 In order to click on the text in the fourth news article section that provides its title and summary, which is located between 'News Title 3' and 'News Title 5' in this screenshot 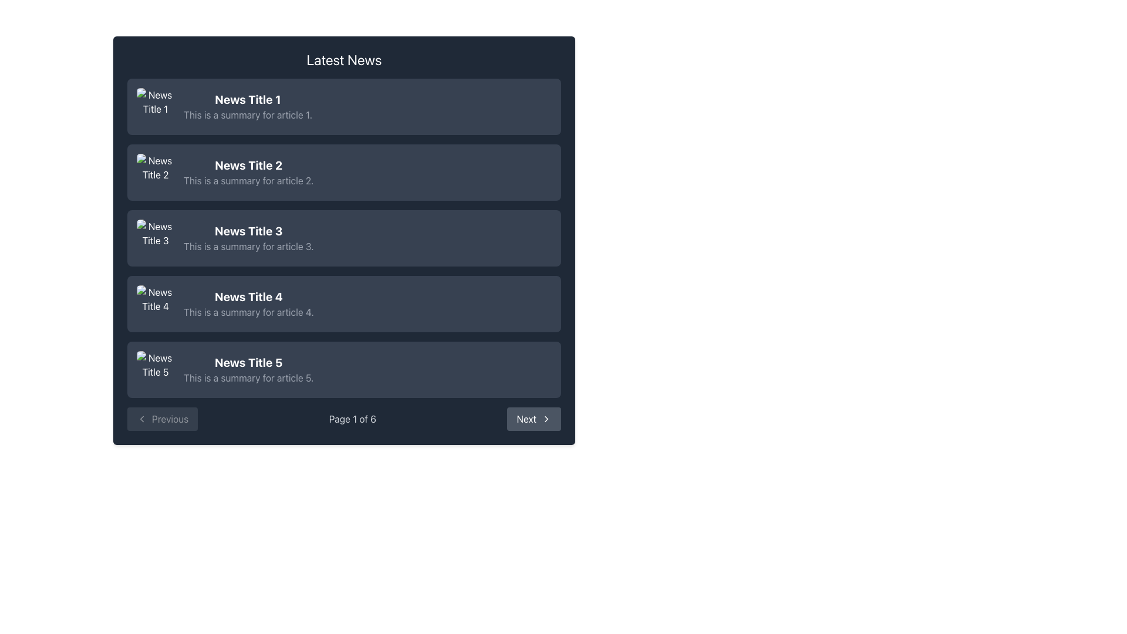, I will do `click(248, 303)`.